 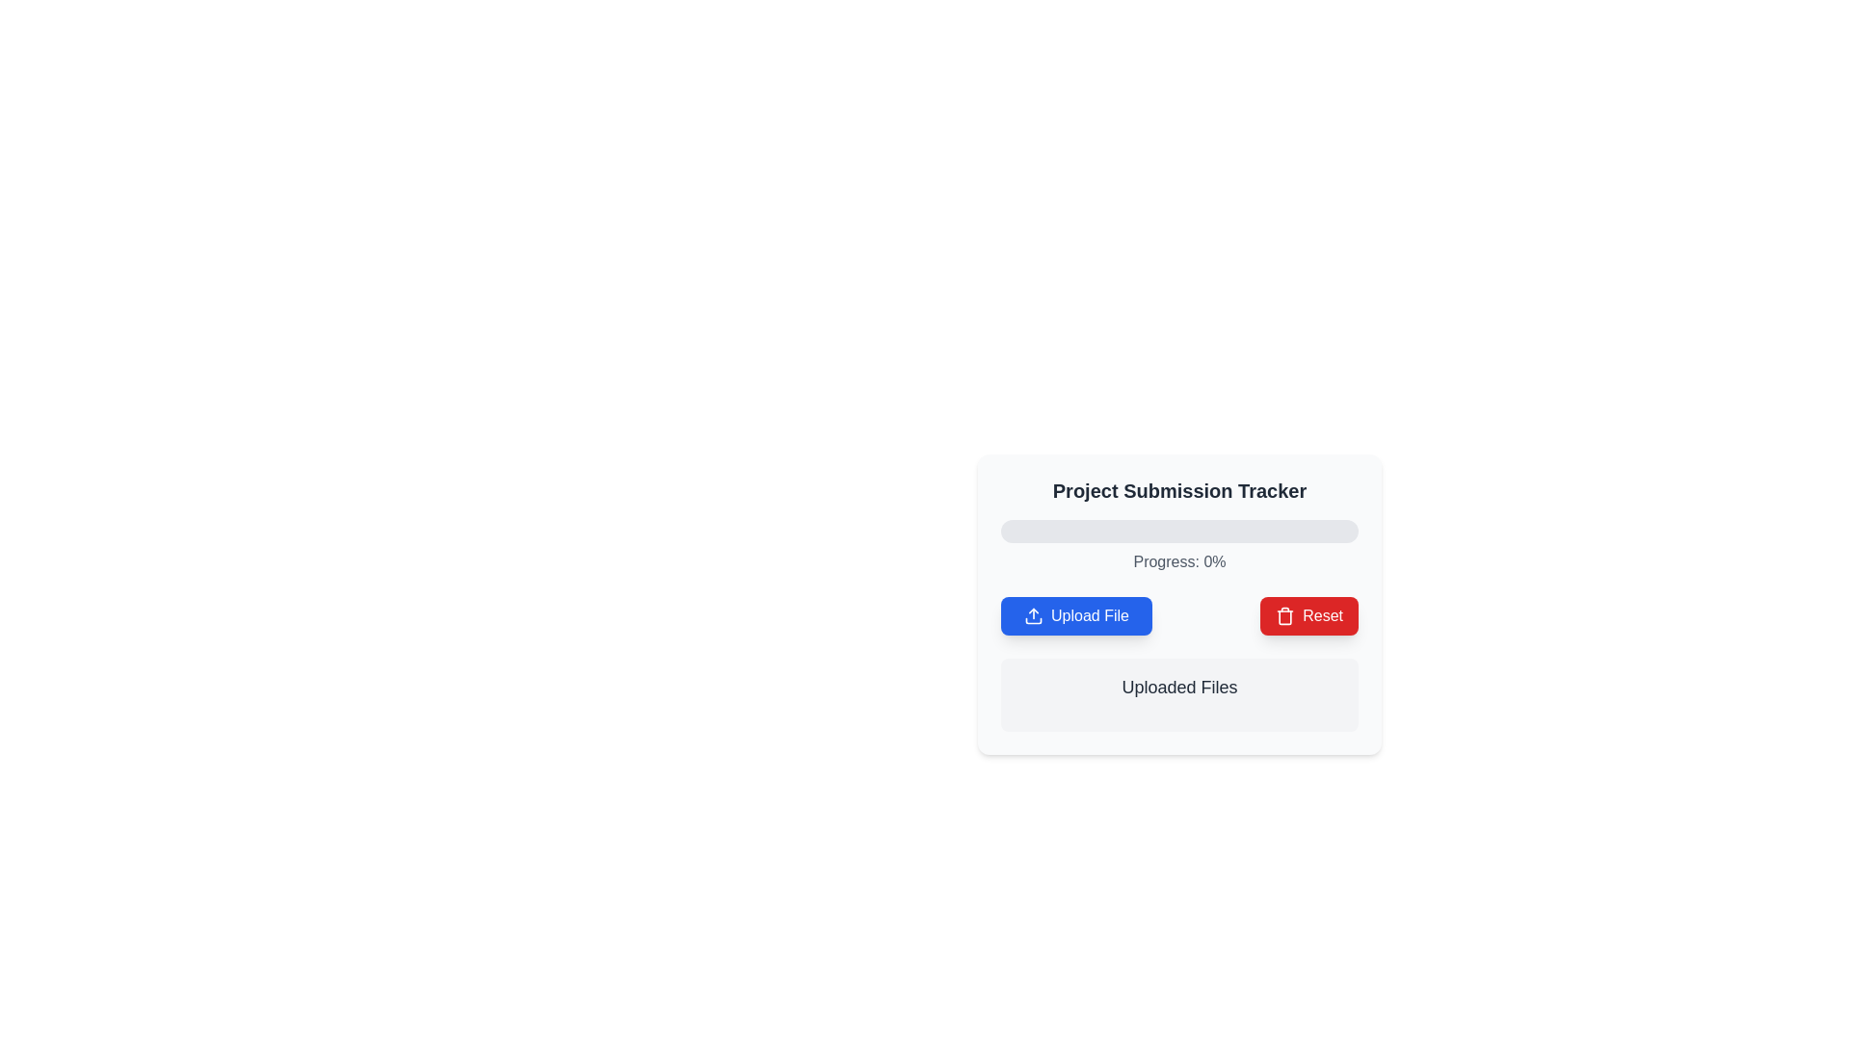 I want to click on the 'Reset' button icon, which serves as a visual indicator for resetting or clearing selections or progress, located in the lower section of the interface, so click(x=1285, y=616).